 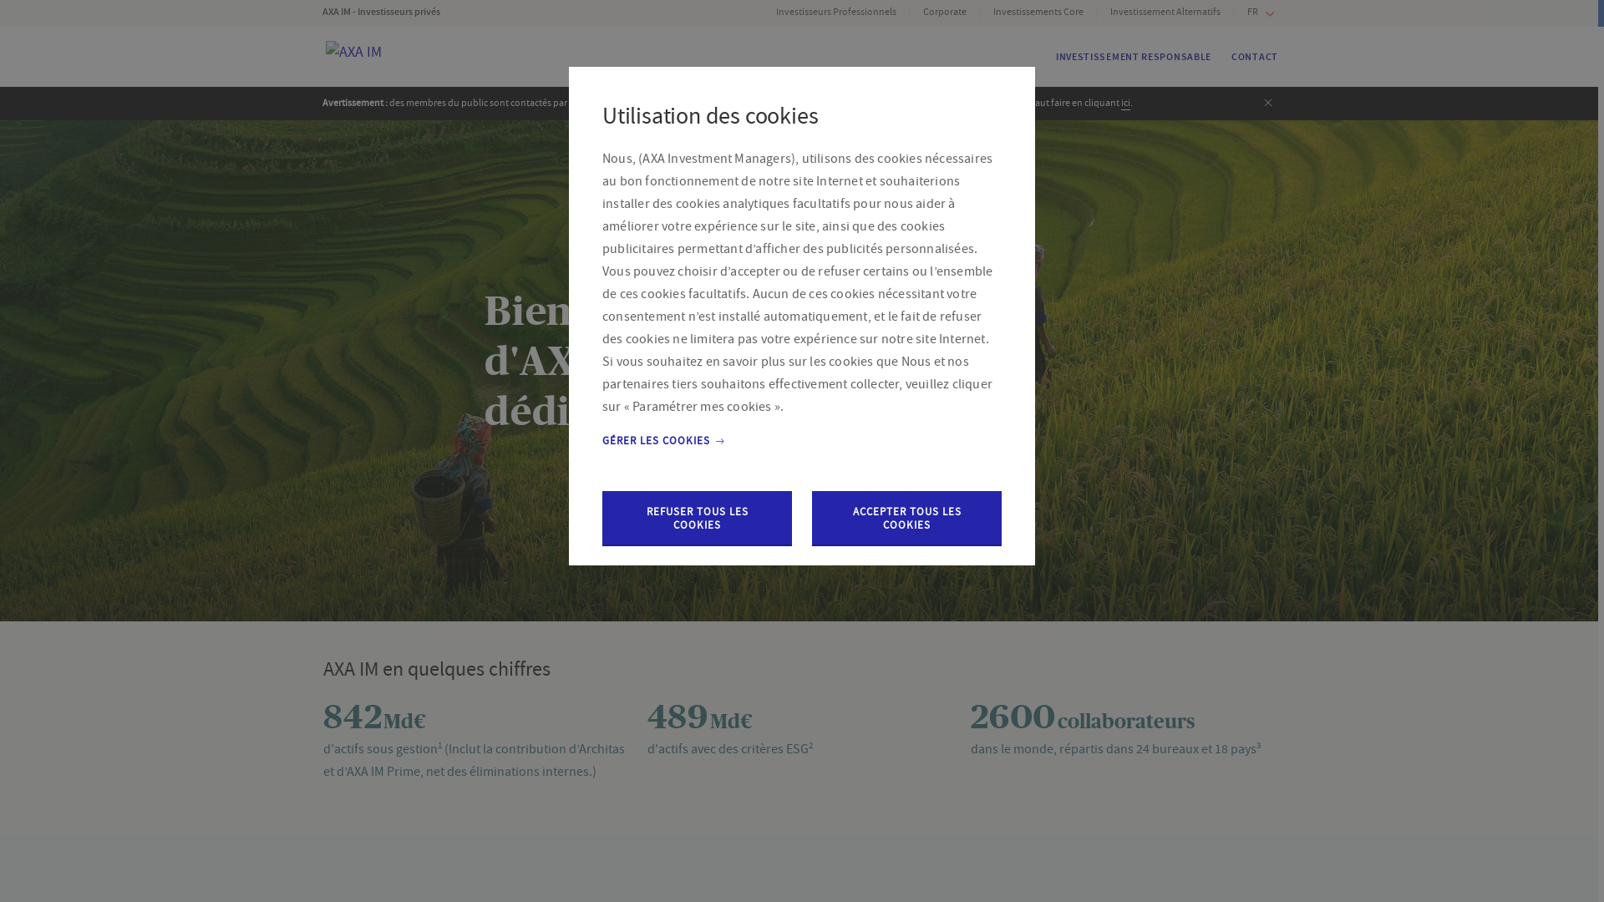 I want to click on 'ici', so click(x=1125, y=103).